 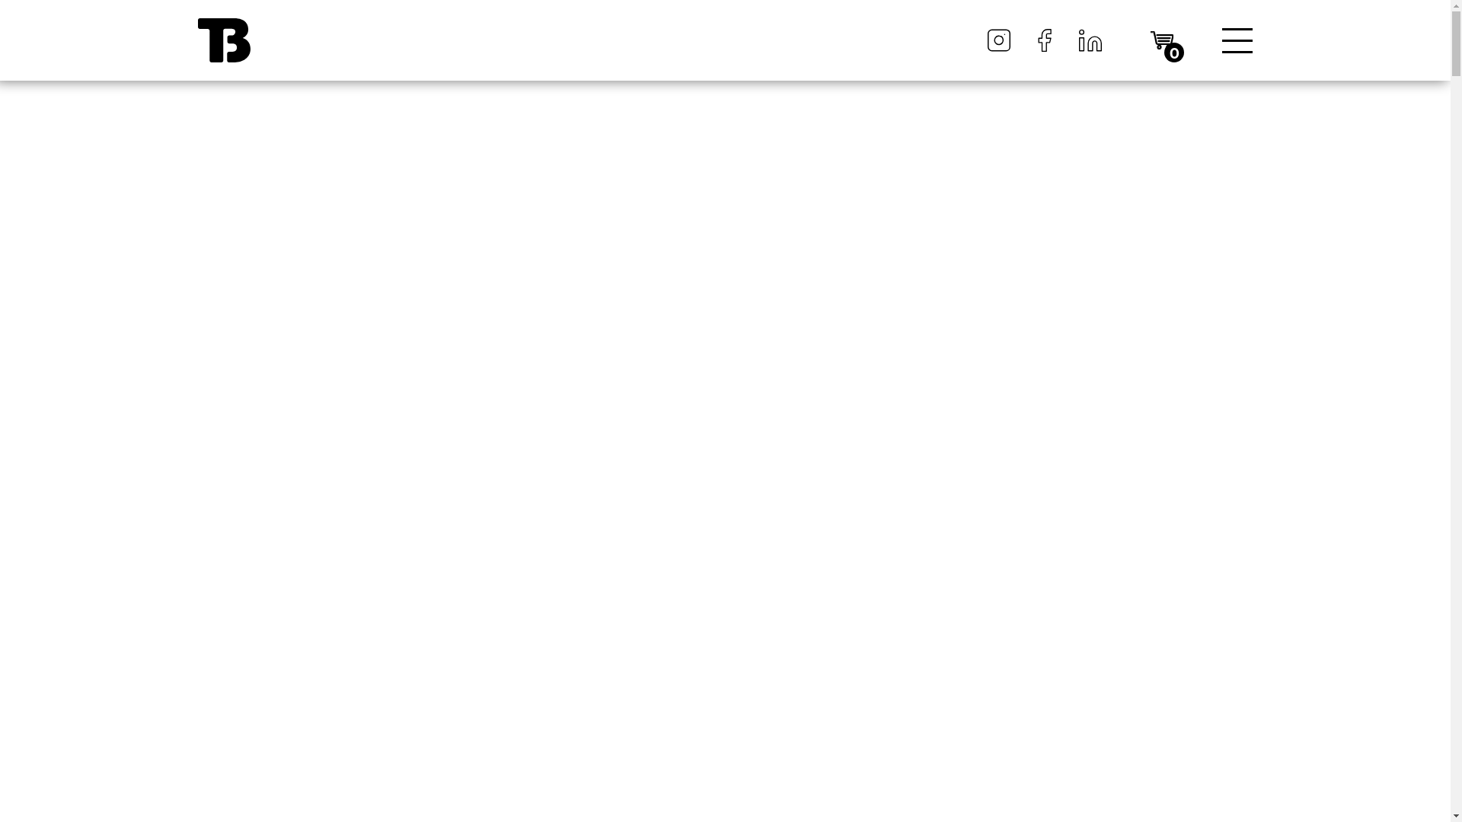 I want to click on '0', so click(x=1161, y=38).